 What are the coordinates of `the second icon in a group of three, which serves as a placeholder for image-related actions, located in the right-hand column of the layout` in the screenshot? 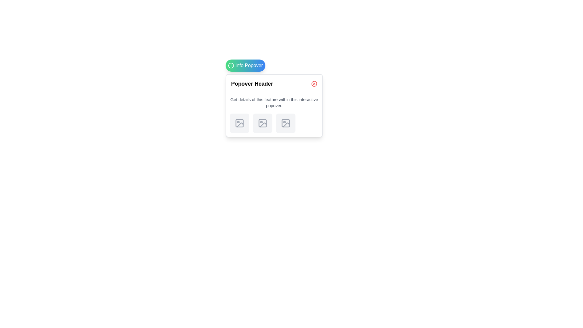 It's located at (263, 123).